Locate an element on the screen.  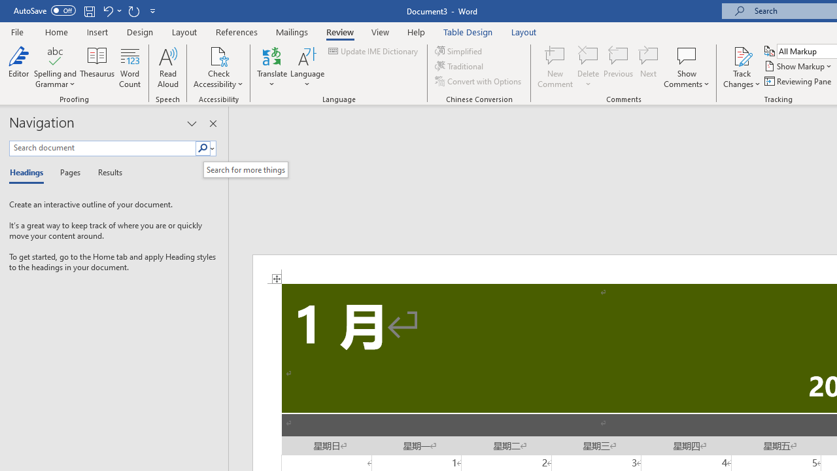
'Search for more things' is located at coordinates (246, 169).